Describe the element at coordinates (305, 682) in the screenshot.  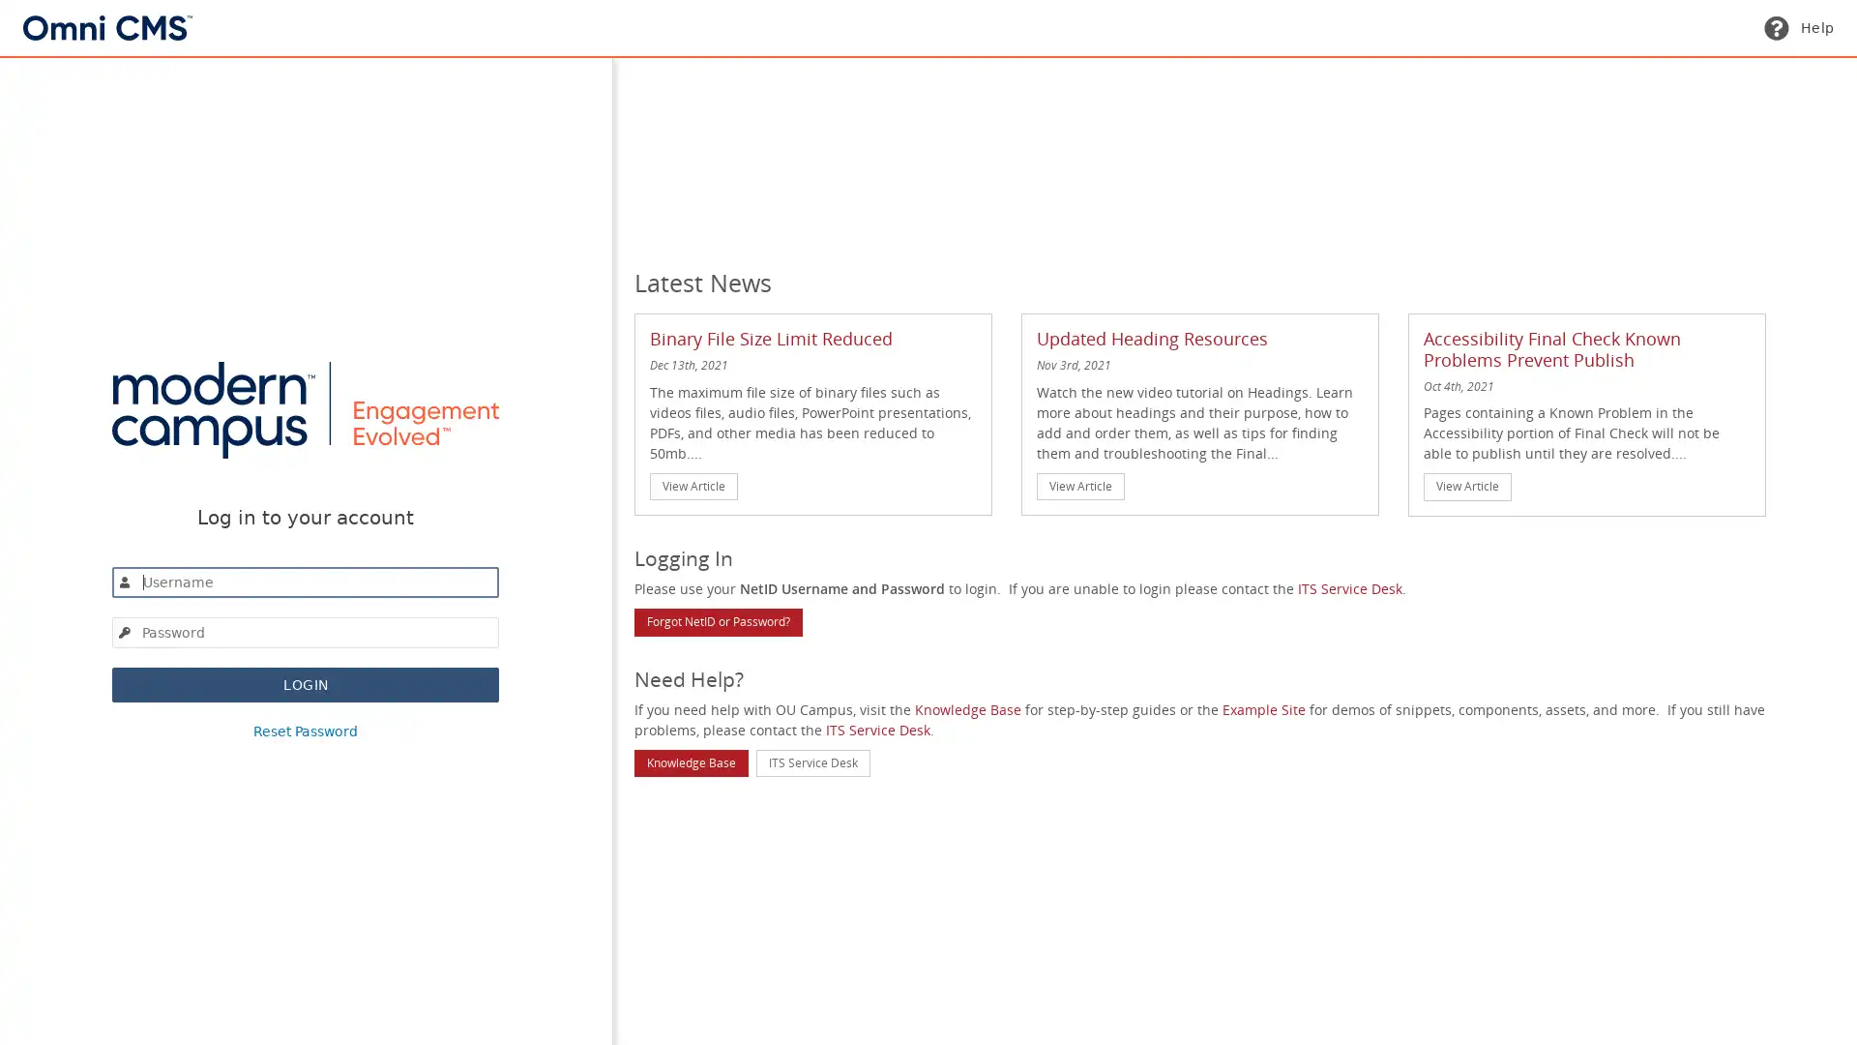
I see `LOGIN` at that location.